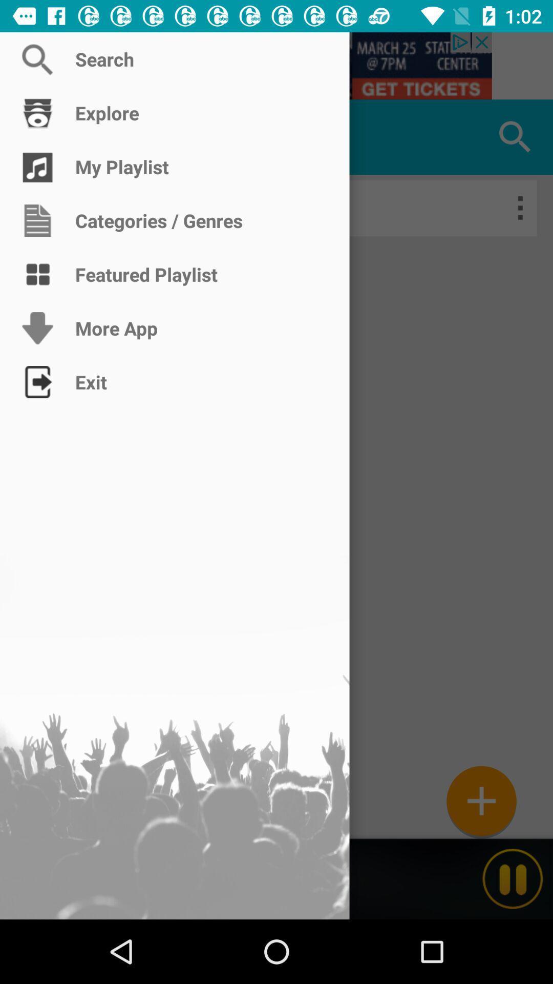 Image resolution: width=553 pixels, height=984 pixels. Describe the element at coordinates (513, 878) in the screenshot. I see `the pause icon` at that location.